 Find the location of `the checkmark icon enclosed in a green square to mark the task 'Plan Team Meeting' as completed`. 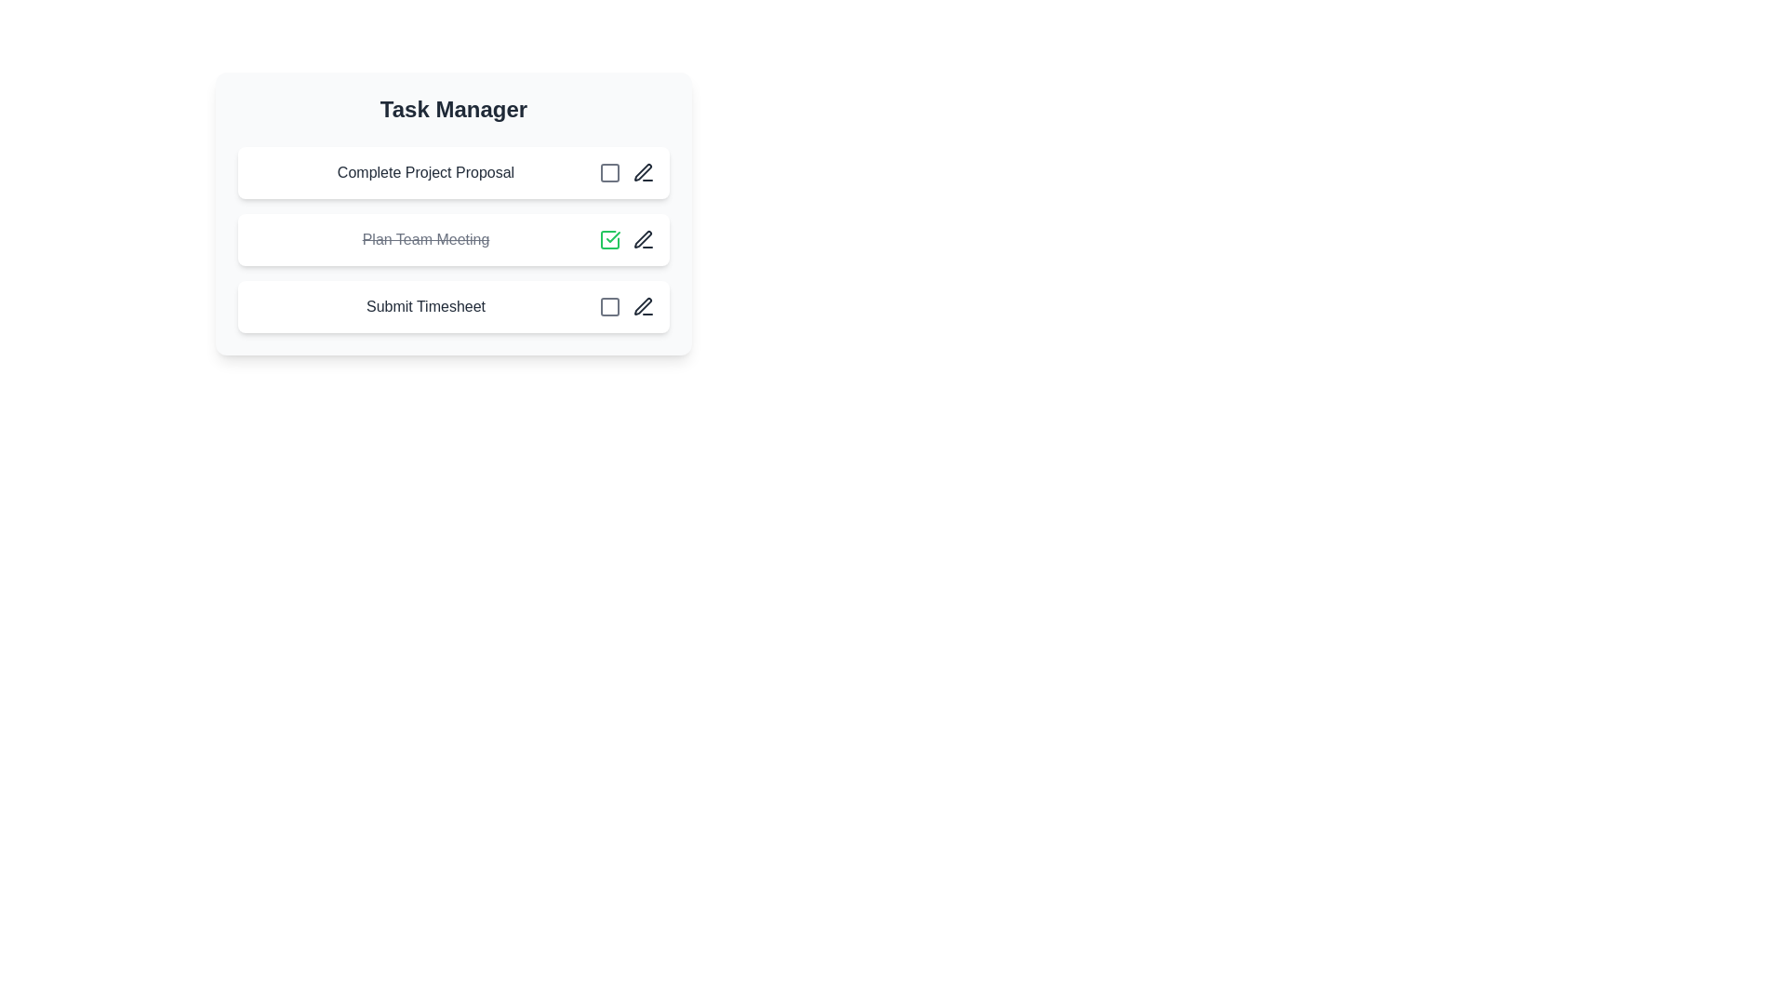

the checkmark icon enclosed in a green square to mark the task 'Plan Team Meeting' as completed is located at coordinates (626, 239).